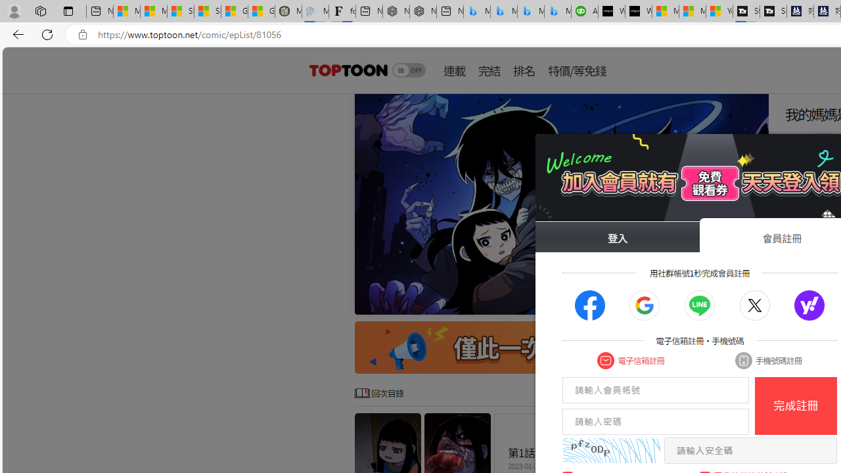 This screenshot has width=841, height=473. What do you see at coordinates (562, 204) in the screenshot?
I see `'Class: swiper-slide swiper-slide-duplicate swiper-slide-next'` at bounding box center [562, 204].